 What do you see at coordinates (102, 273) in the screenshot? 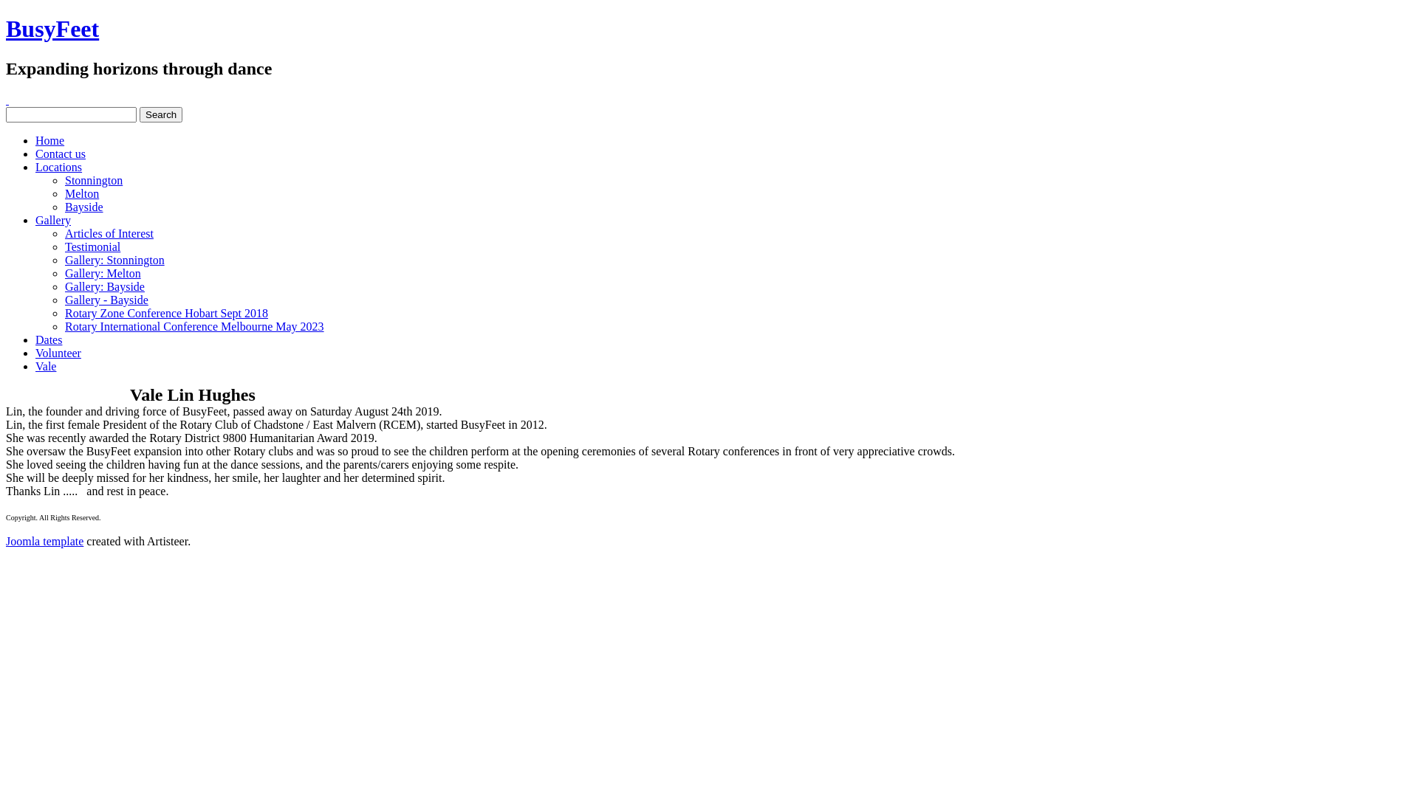
I see `'Gallery: Melton'` at bounding box center [102, 273].